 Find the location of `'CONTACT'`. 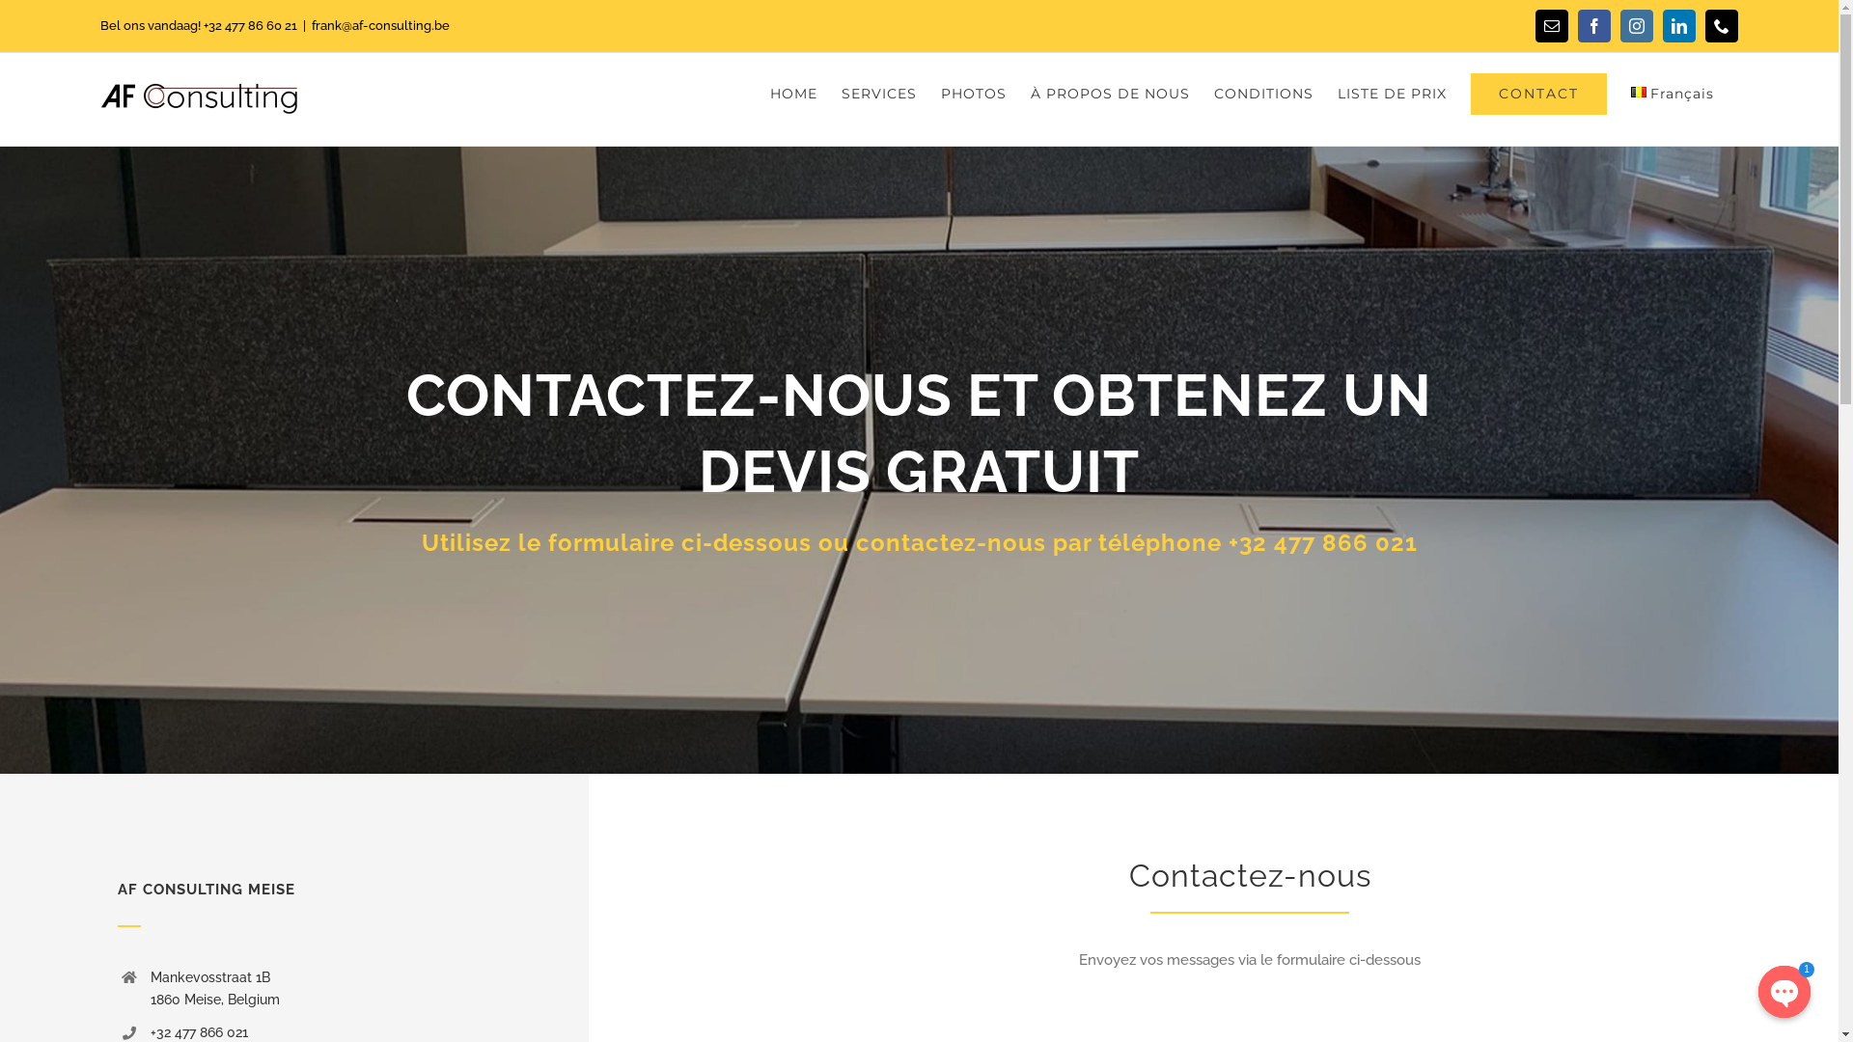

'CONTACT' is located at coordinates (1537, 93).